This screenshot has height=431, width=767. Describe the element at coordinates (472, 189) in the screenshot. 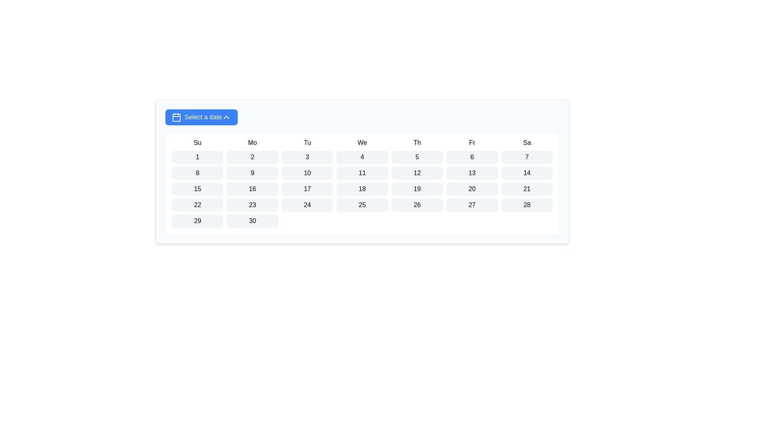

I see `the button representing the 20th day of the month in the Friday column of the calendar grid` at that location.